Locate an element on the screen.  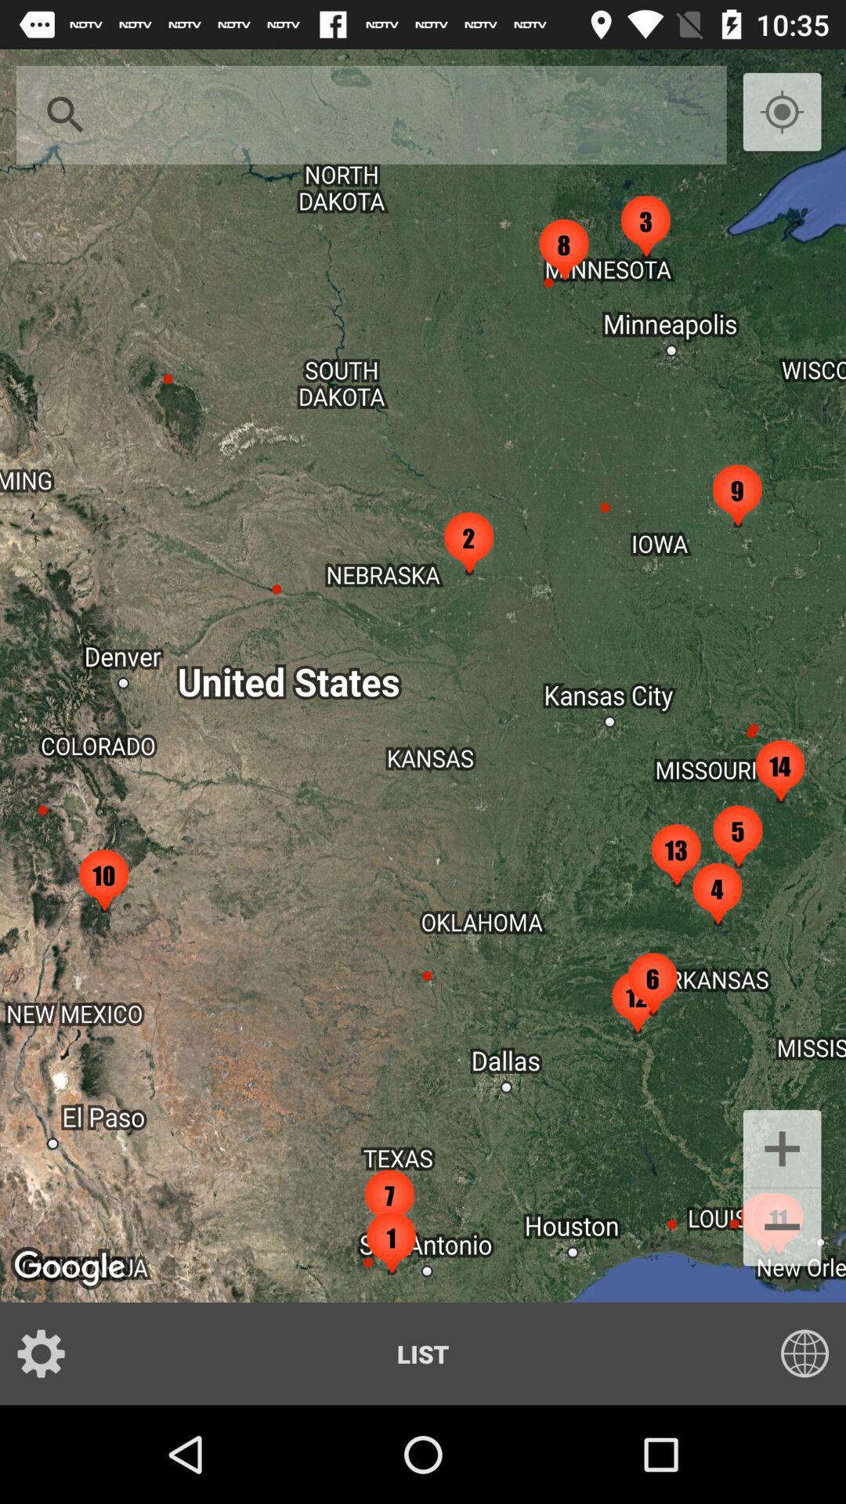
icon at the top left corner is located at coordinates (65, 114).